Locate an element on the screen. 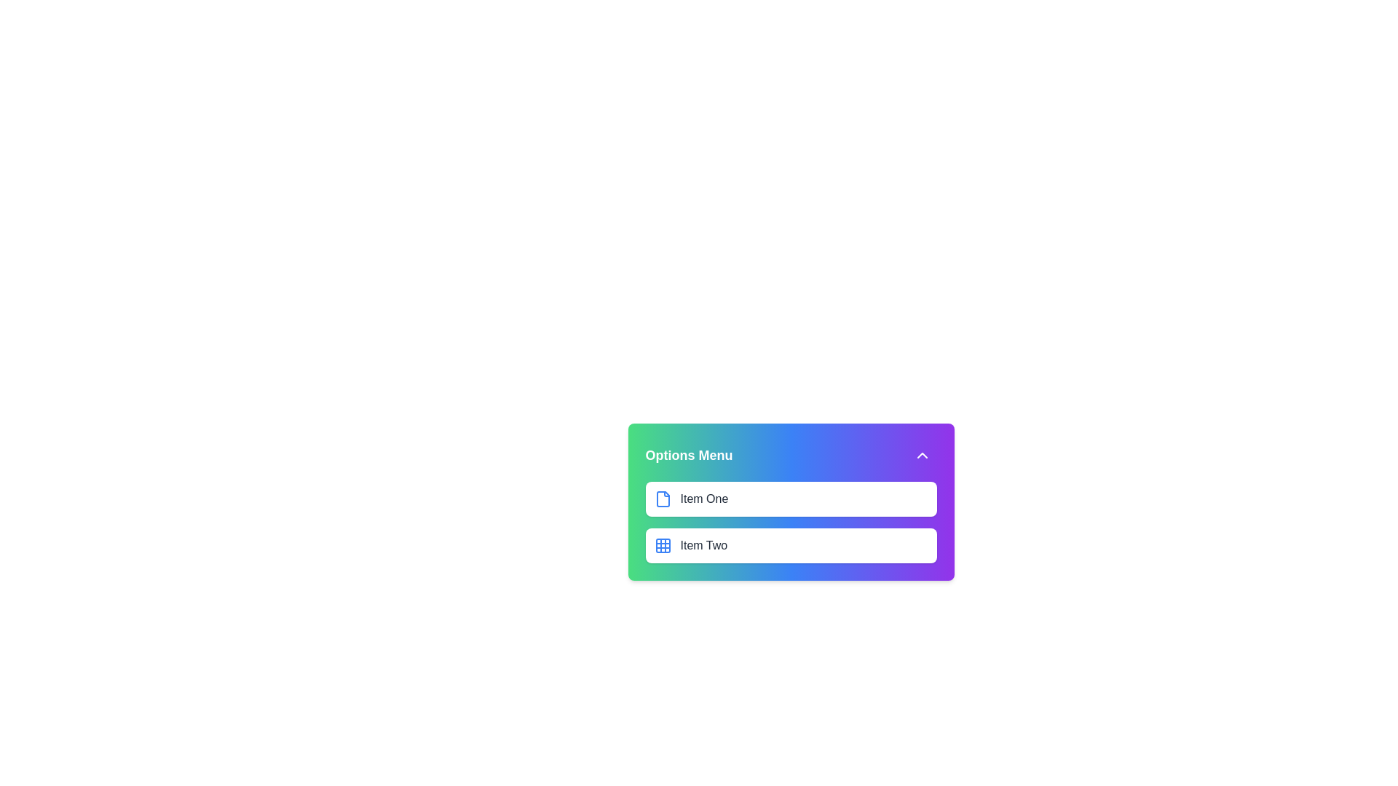  the blue file icon located to the left of 'Item One' in the vertically stacked menu list is located at coordinates (662, 499).